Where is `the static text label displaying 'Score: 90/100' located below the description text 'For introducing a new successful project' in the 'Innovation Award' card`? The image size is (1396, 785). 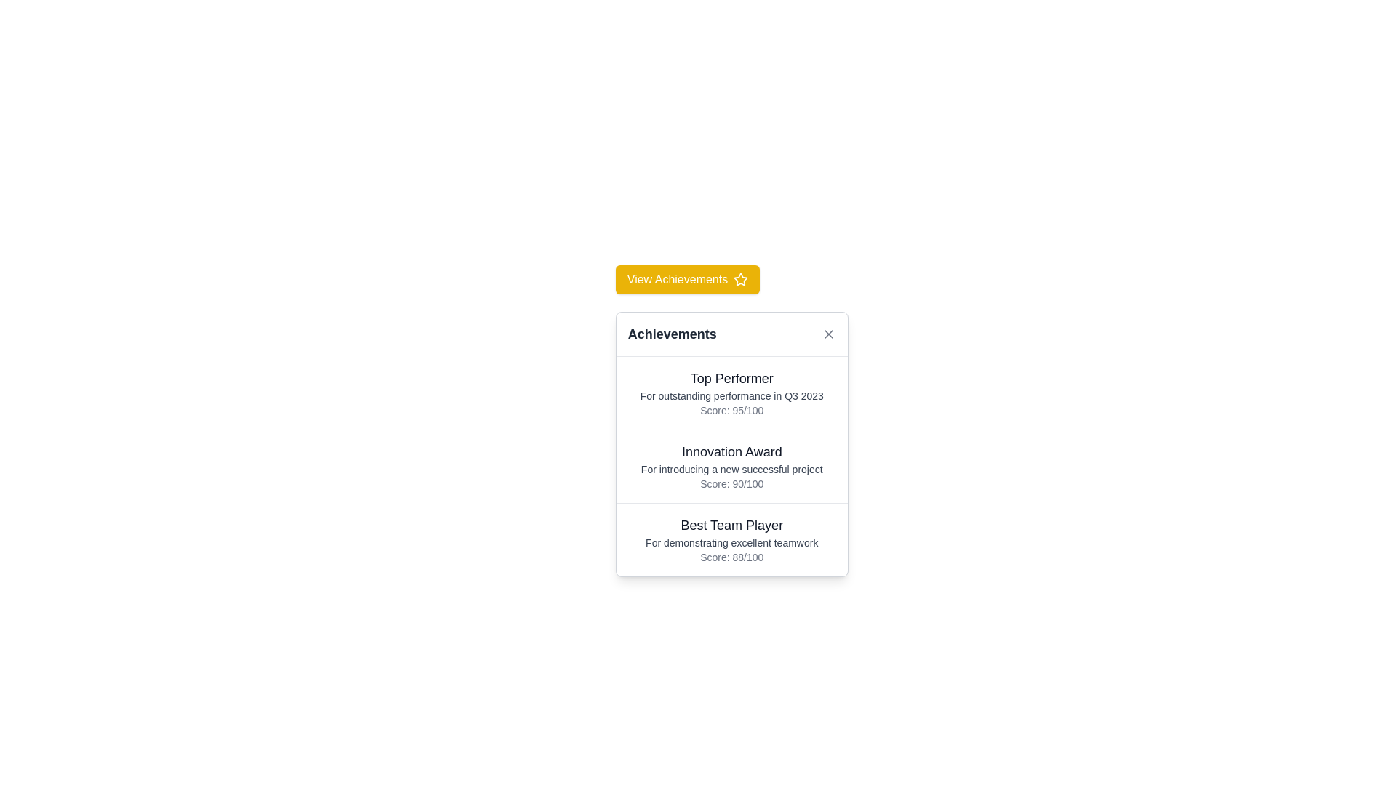
the static text label displaying 'Score: 90/100' located below the description text 'For introducing a new successful project' in the 'Innovation Award' card is located at coordinates (731, 484).